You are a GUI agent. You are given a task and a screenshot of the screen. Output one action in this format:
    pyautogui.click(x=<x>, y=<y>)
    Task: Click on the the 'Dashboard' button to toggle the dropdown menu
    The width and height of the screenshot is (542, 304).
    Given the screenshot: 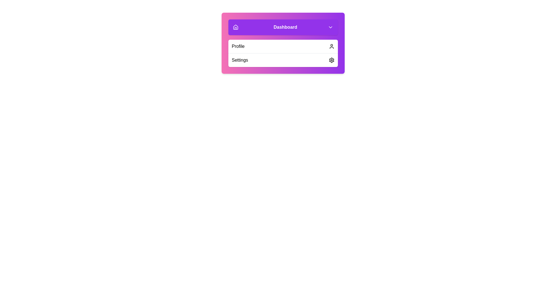 What is the action you would take?
    pyautogui.click(x=283, y=27)
    